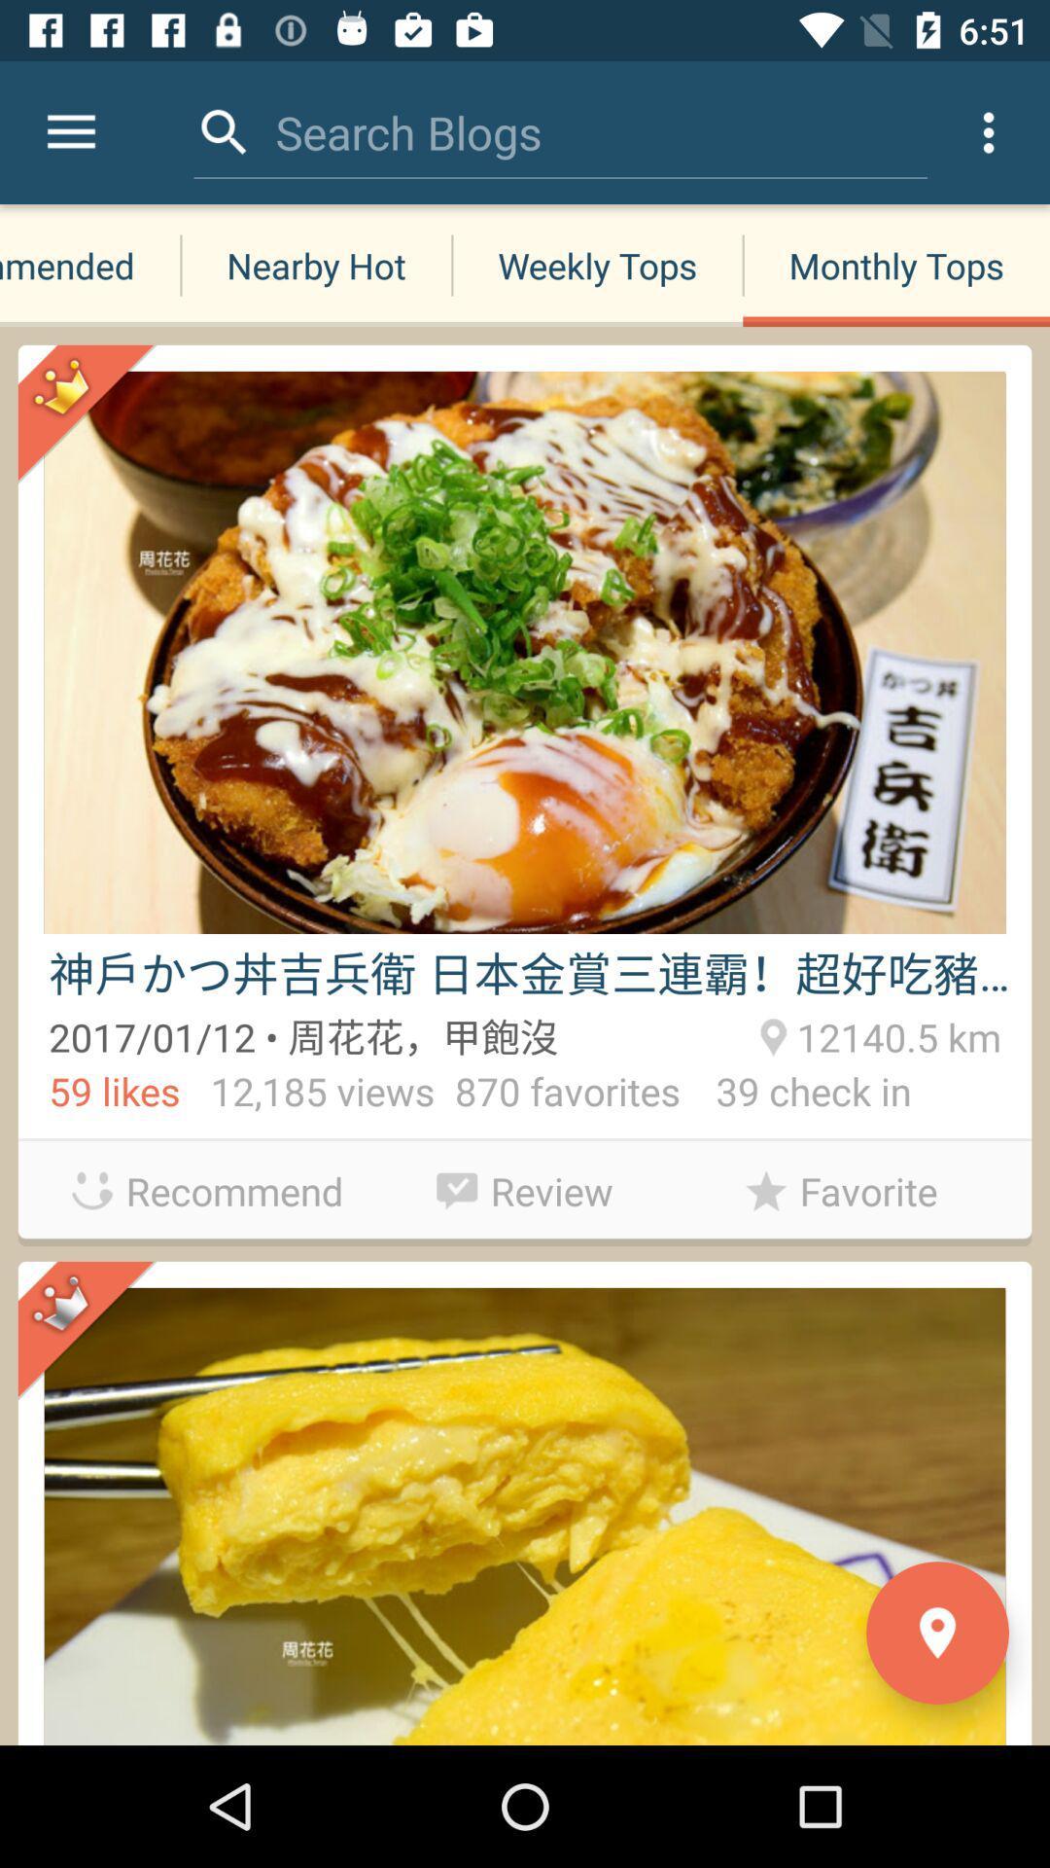  What do you see at coordinates (989, 131) in the screenshot?
I see `the icon above monthly tops` at bounding box center [989, 131].